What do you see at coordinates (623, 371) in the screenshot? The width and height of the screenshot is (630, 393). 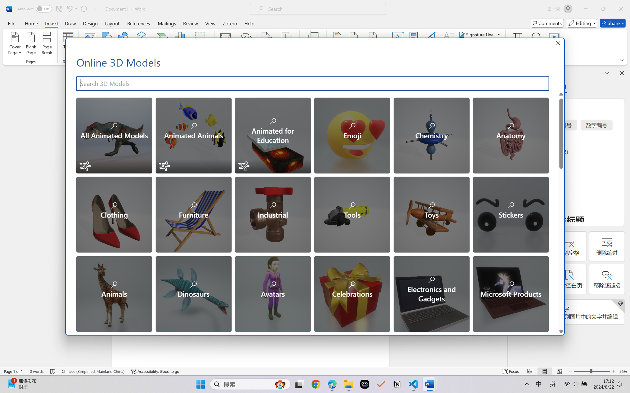 I see `'Zoom 95%'` at bounding box center [623, 371].